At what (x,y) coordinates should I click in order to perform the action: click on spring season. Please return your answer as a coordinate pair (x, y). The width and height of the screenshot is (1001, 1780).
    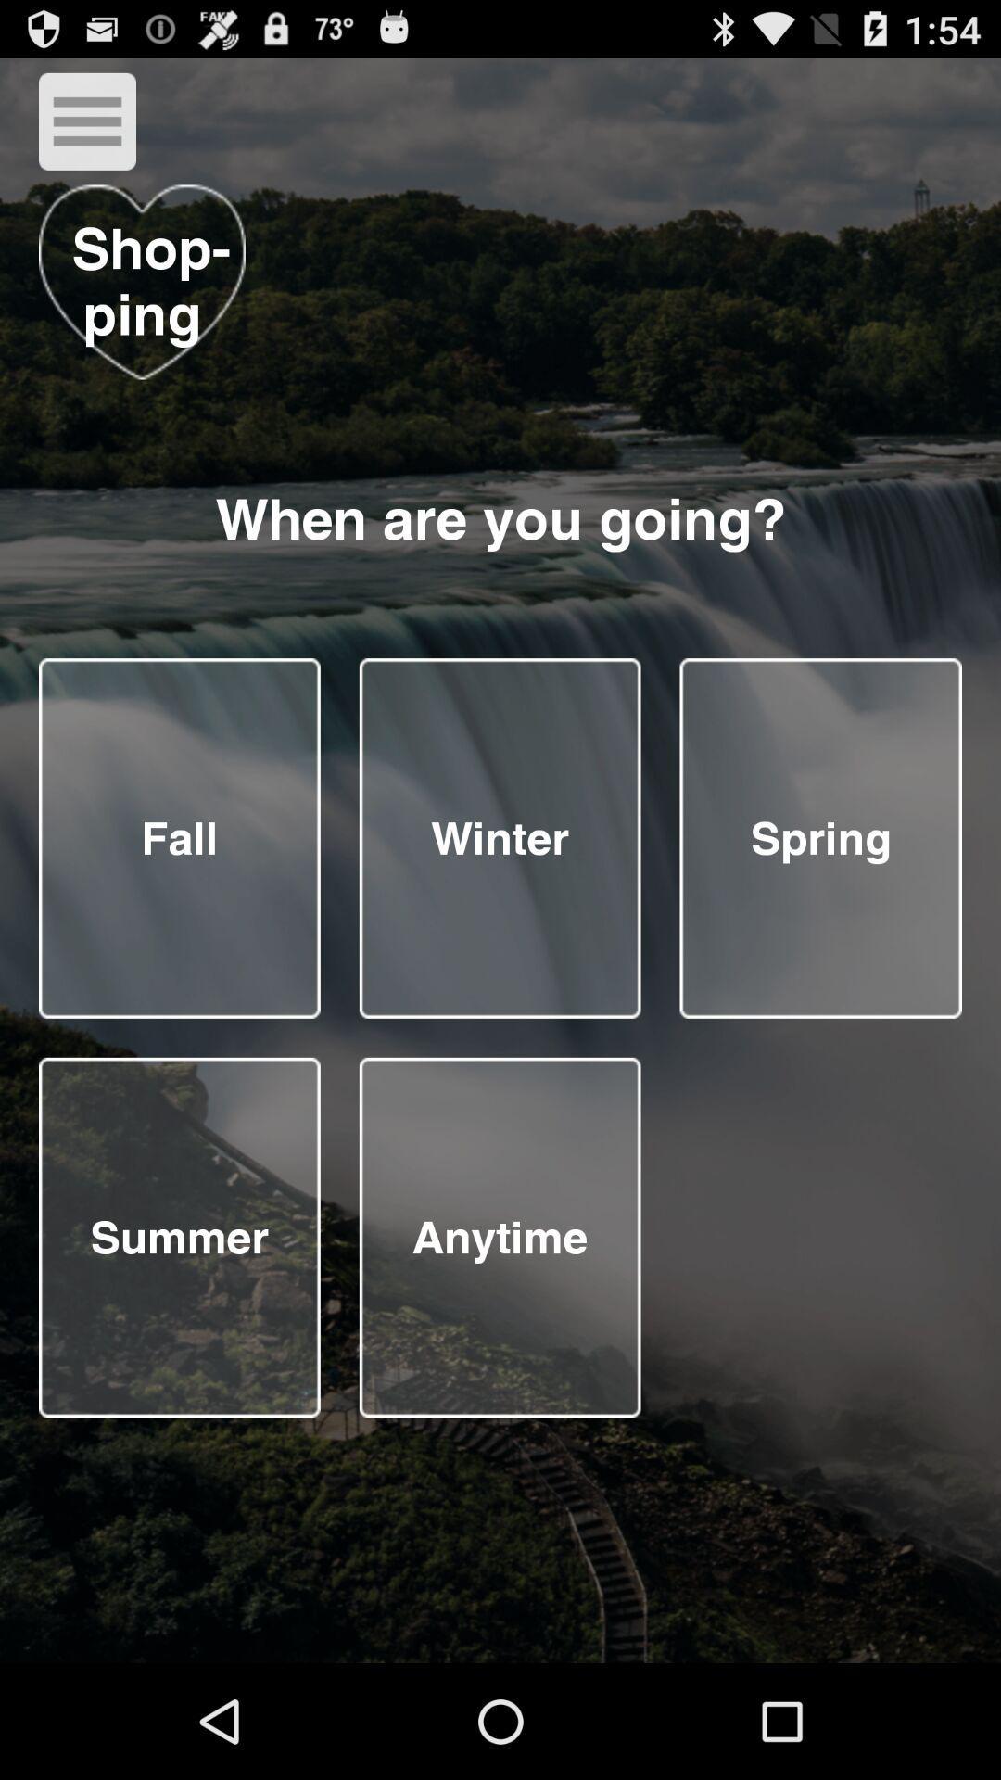
    Looking at the image, I should click on (819, 837).